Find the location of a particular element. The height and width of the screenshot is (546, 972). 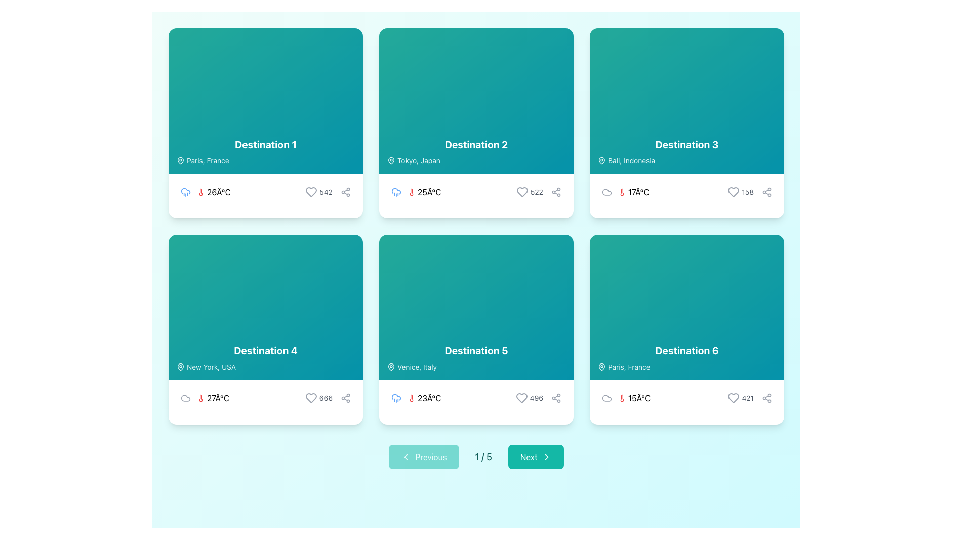

the interactive counter with a heart icon displaying the number of likes in the bottom-right section of the fifth destination card is located at coordinates (529, 397).